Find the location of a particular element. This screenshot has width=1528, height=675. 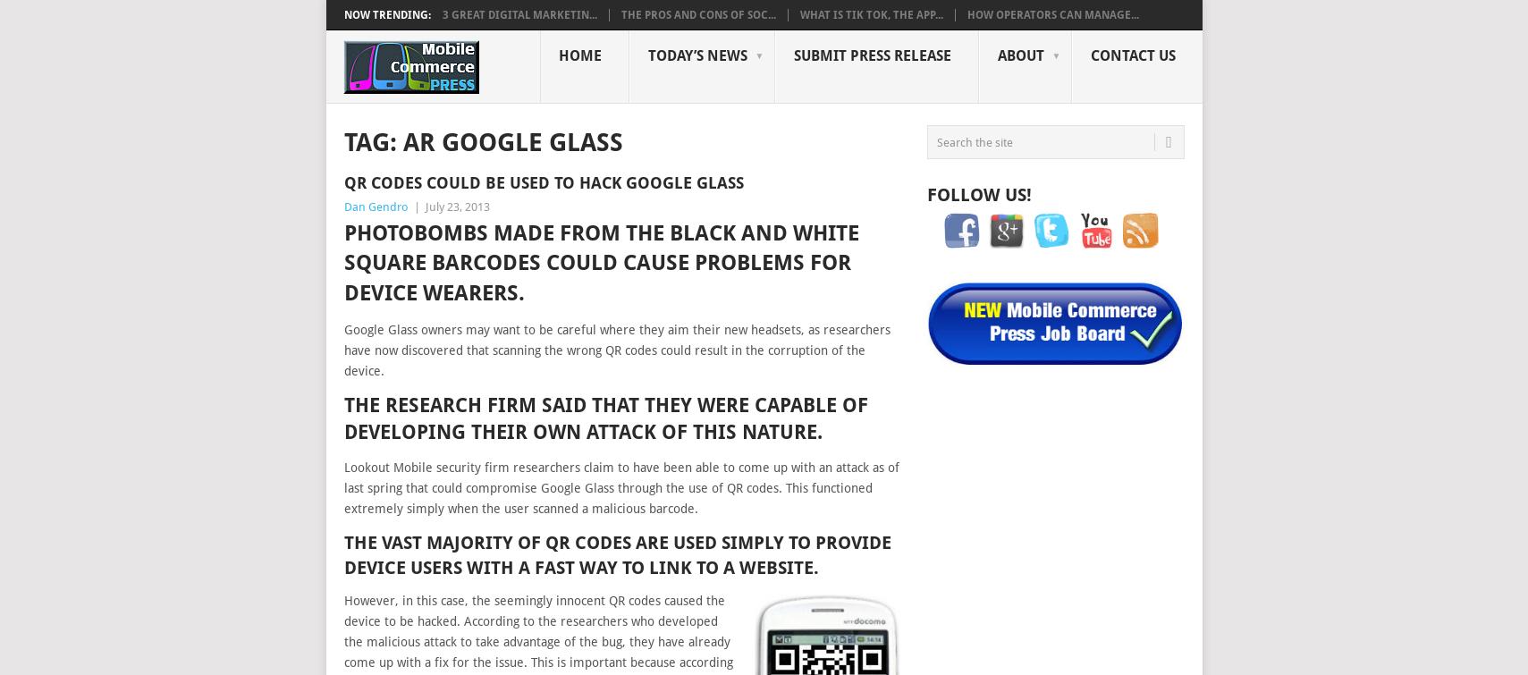

'Home' is located at coordinates (578, 55).